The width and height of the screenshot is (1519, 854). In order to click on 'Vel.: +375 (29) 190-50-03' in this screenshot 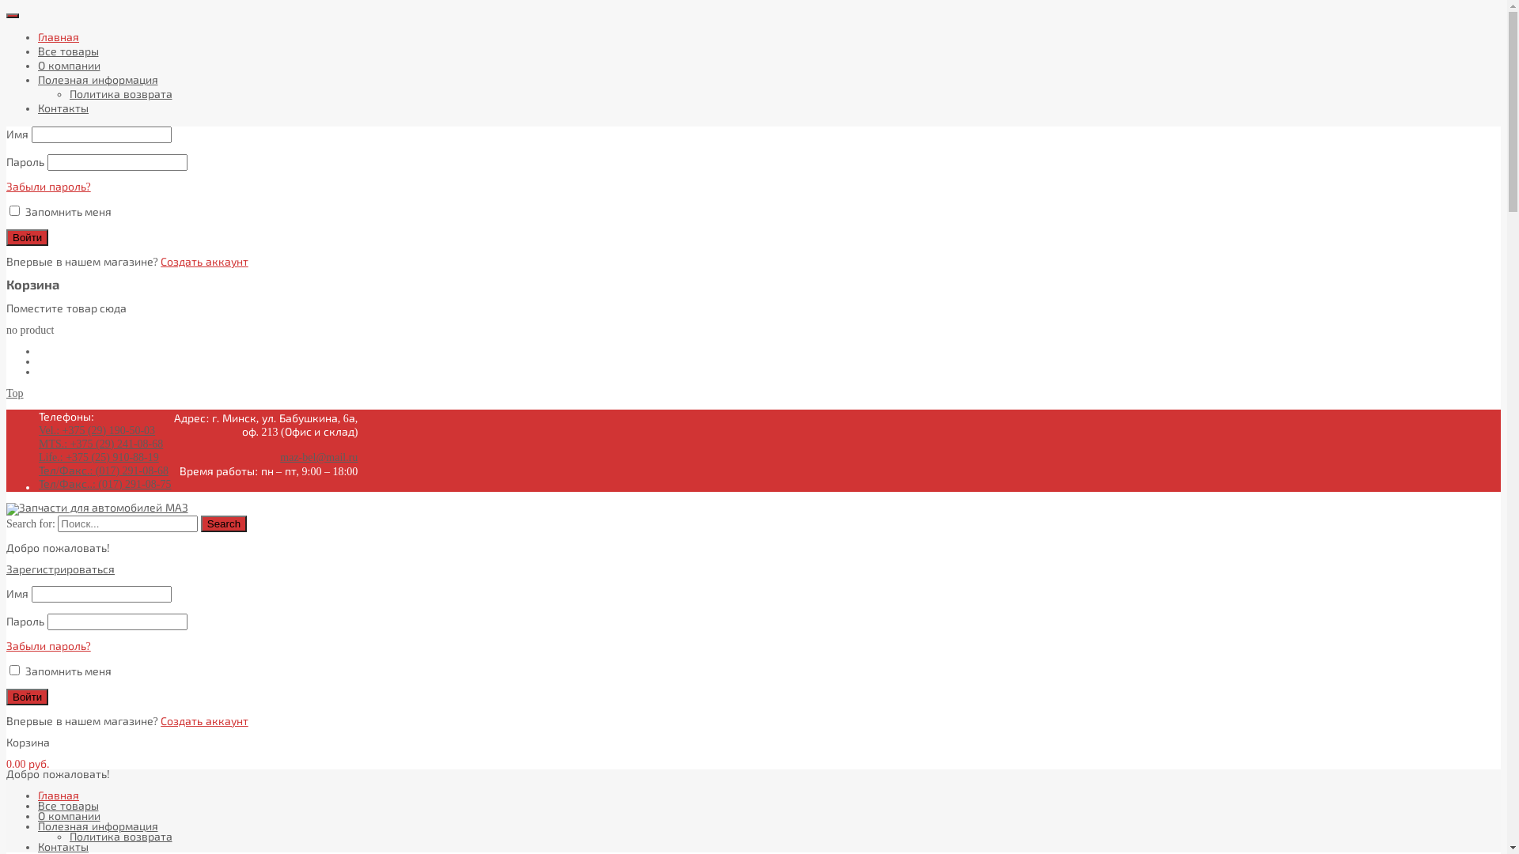, I will do `click(96, 430)`.